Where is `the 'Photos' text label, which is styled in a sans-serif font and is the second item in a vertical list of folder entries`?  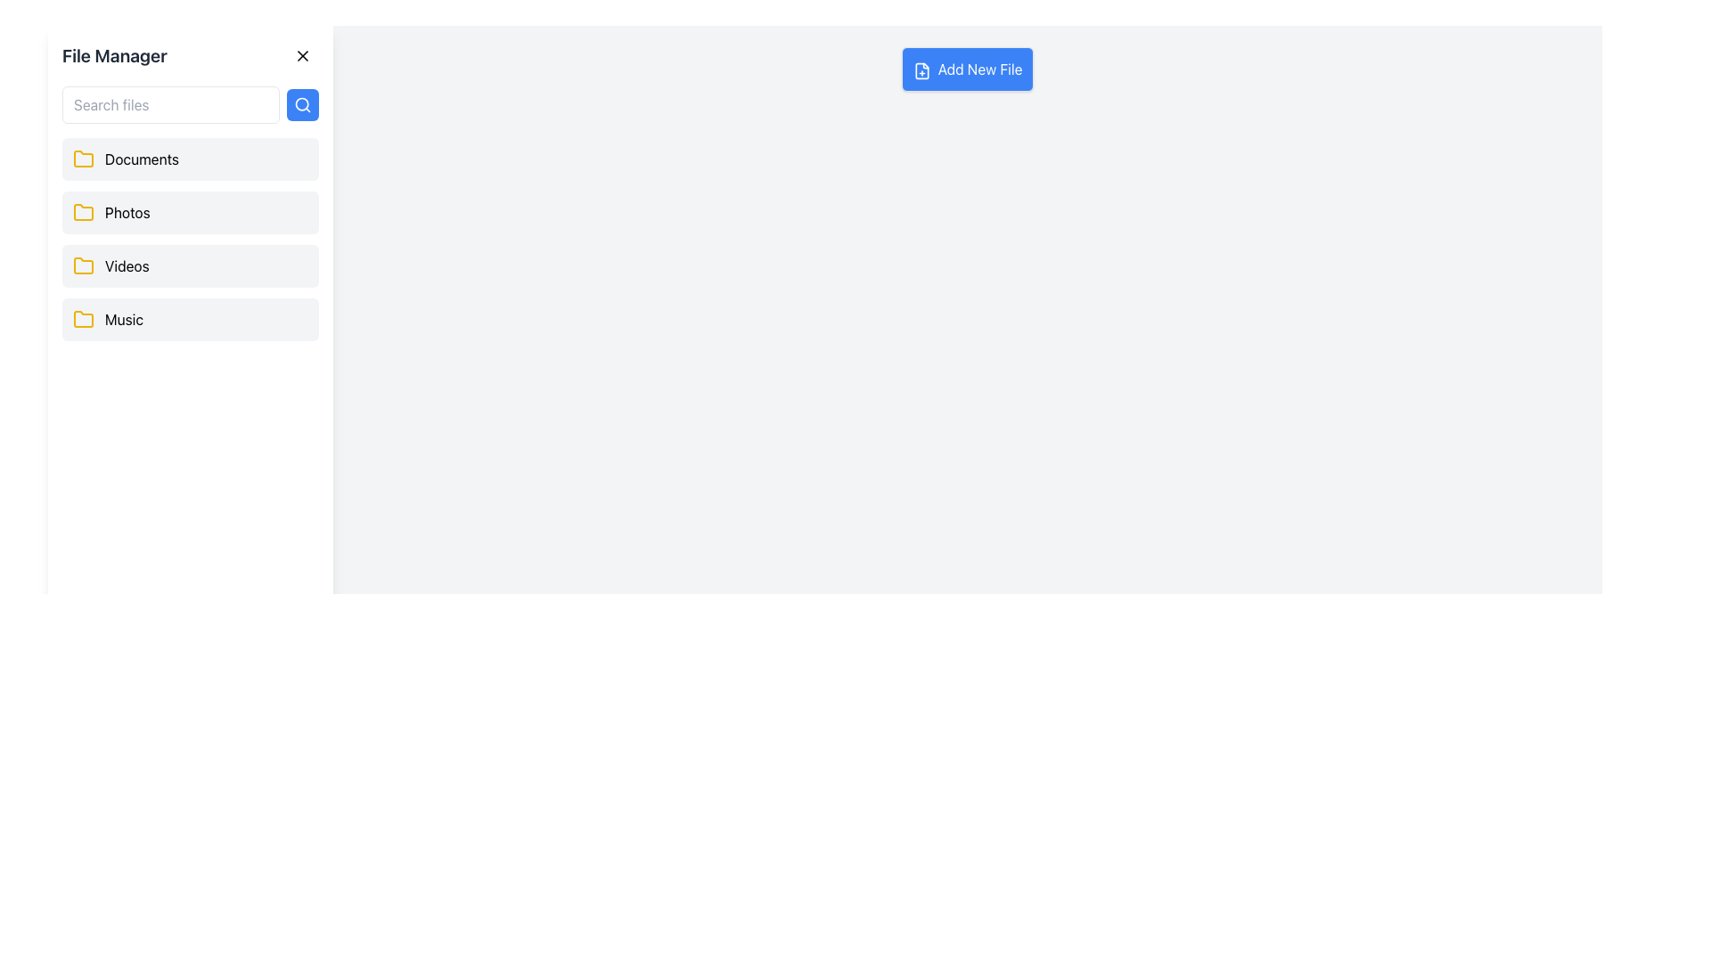
the 'Photos' text label, which is styled in a sans-serif font and is the second item in a vertical list of folder entries is located at coordinates (127, 212).